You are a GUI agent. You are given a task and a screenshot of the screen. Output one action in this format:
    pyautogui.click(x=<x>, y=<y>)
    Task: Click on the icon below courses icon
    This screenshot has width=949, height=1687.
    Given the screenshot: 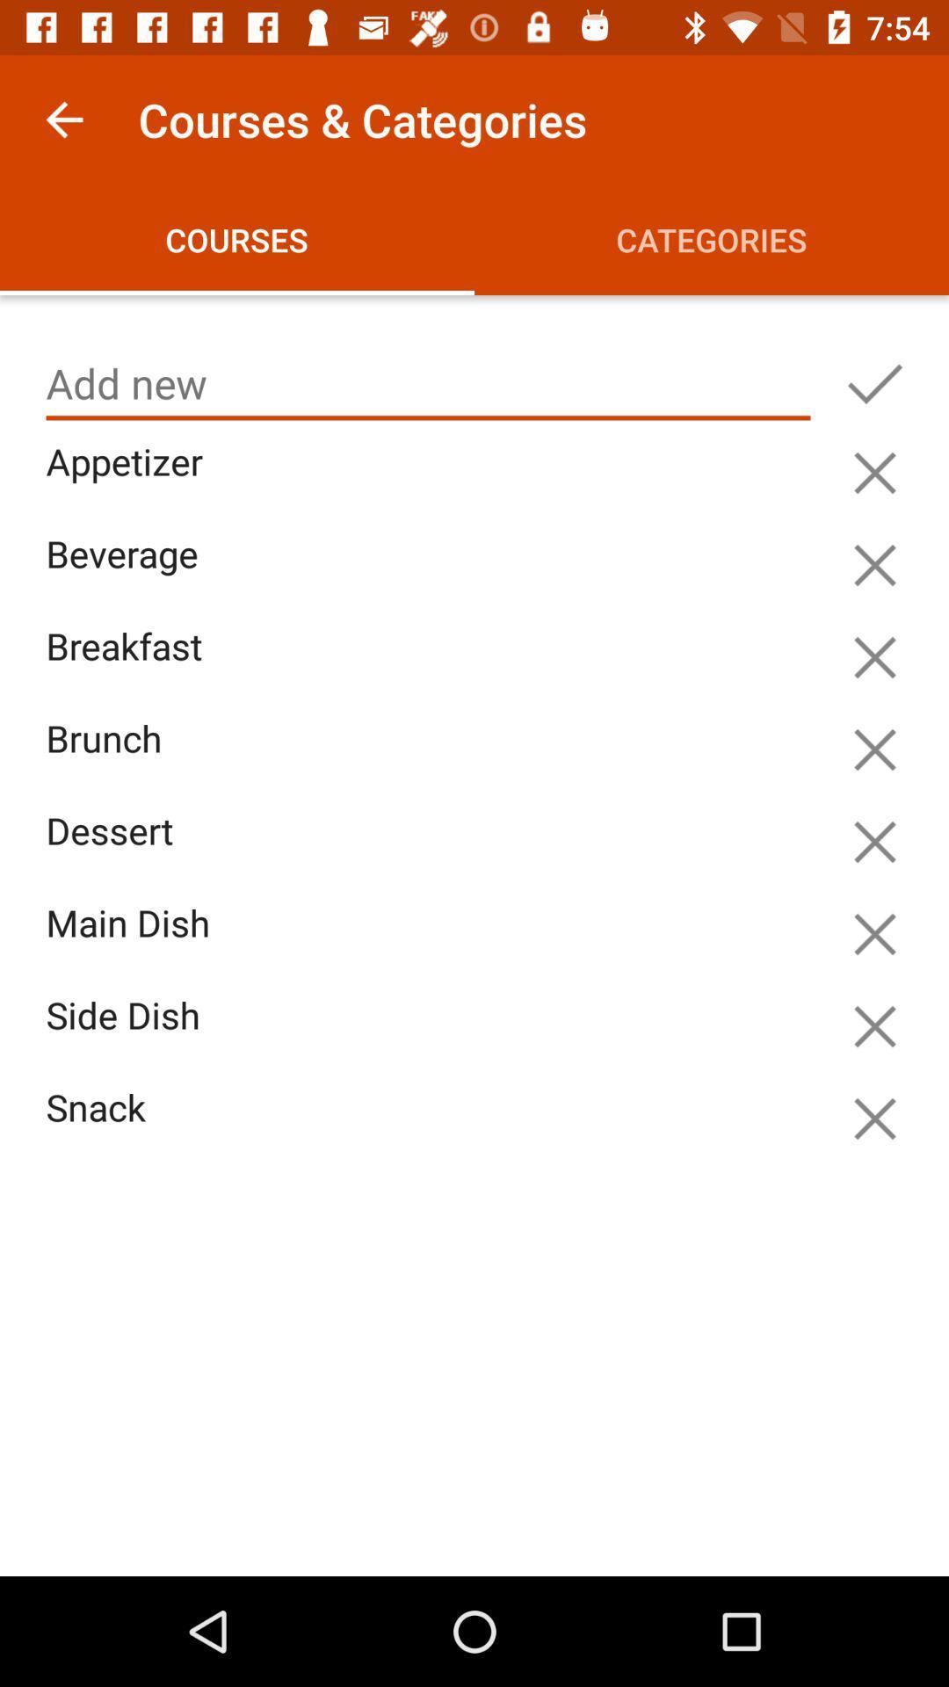 What is the action you would take?
    pyautogui.click(x=428, y=383)
    